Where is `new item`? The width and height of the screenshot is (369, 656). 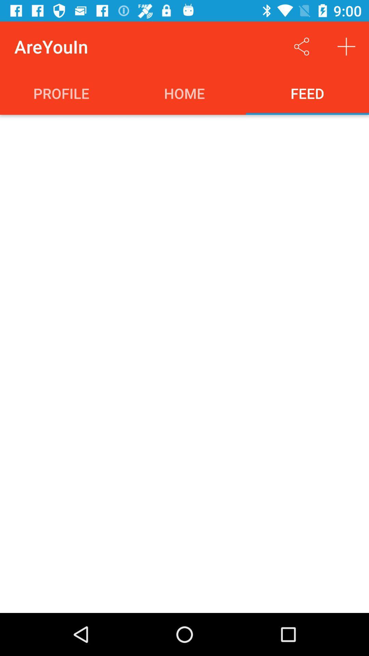
new item is located at coordinates (346, 46).